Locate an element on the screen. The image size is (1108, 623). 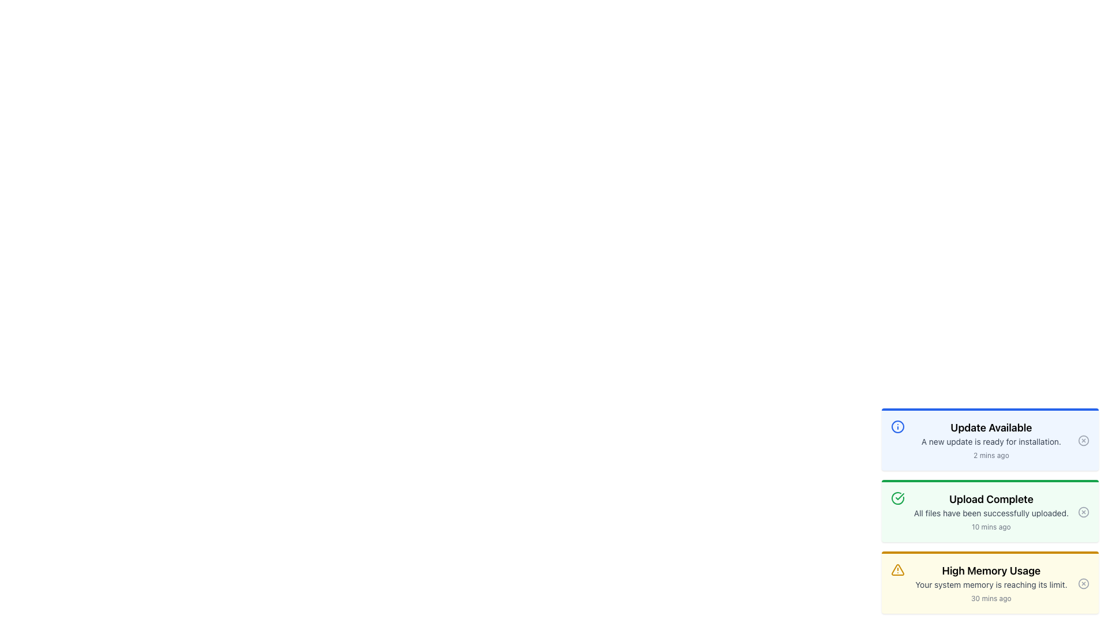
the dismiss button located at the upper-right corner of the 'Update Available' notification card is located at coordinates (1083, 440).